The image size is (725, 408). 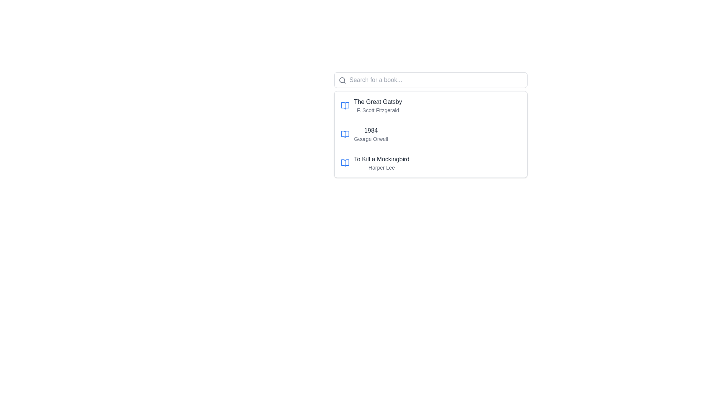 I want to click on the blue book icon associated with the title '1984' and the author 'George Orwell' to associate it with its row content, so click(x=344, y=134).